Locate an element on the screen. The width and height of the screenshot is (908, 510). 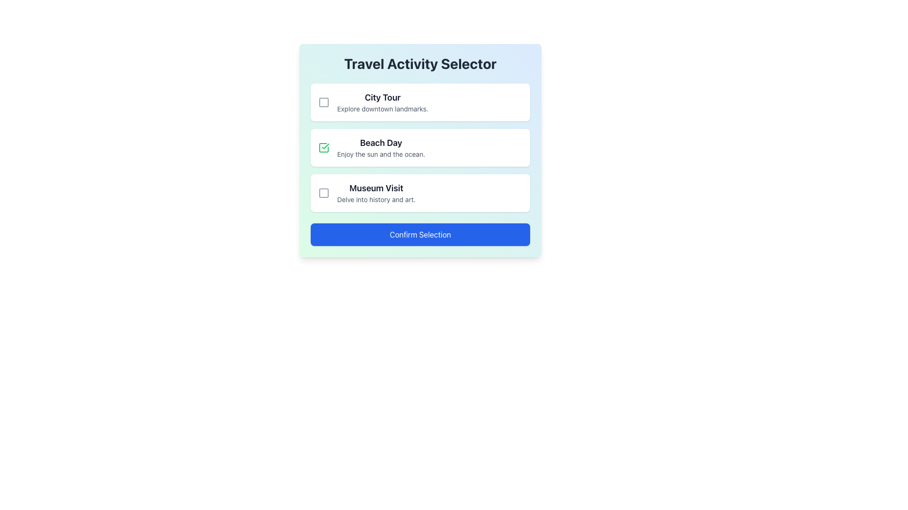
the static text element that provides additional insight into the 'City Tour' option, located beneath the 'City Tour' title is located at coordinates (383, 109).